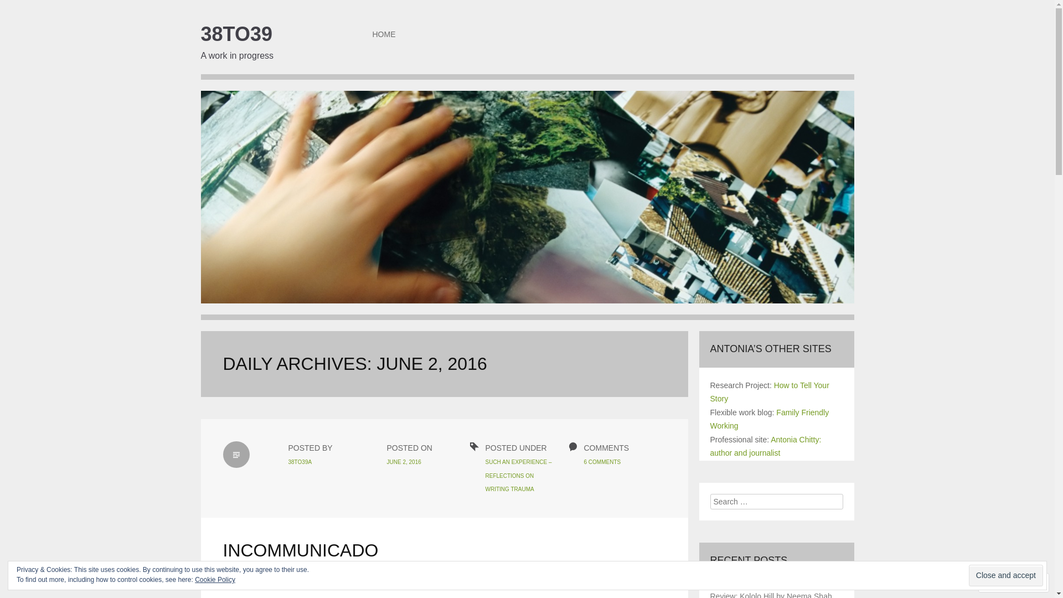 Image resolution: width=1063 pixels, height=598 pixels. What do you see at coordinates (215, 579) in the screenshot?
I see `'Cookie Policy'` at bounding box center [215, 579].